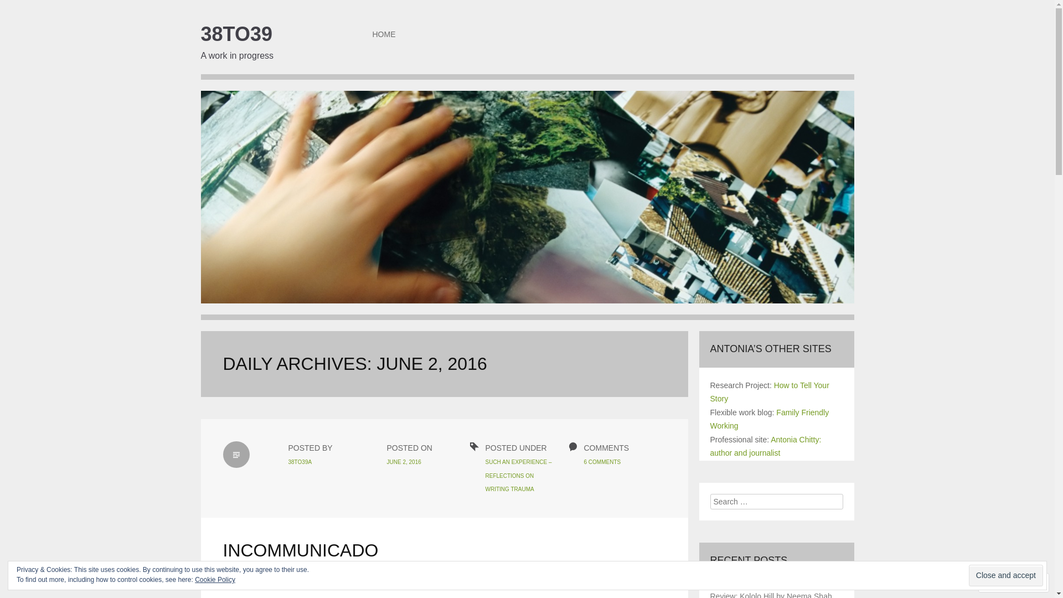 Image resolution: width=1063 pixels, height=598 pixels. What do you see at coordinates (215, 579) in the screenshot?
I see `'Cookie Policy'` at bounding box center [215, 579].